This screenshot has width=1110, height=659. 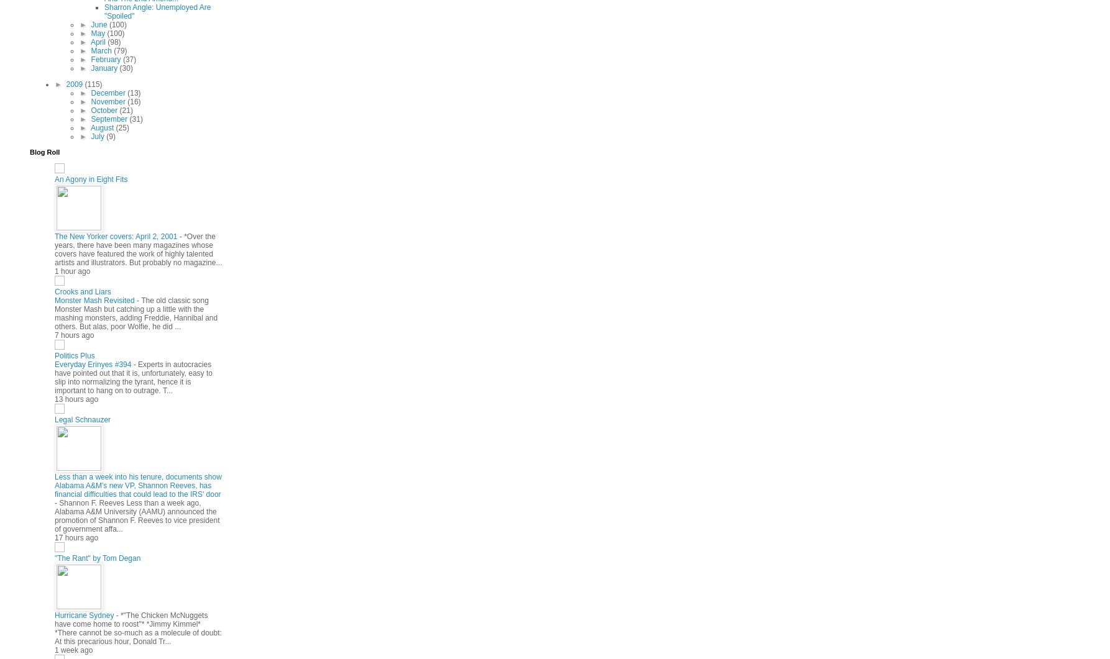 What do you see at coordinates (133, 101) in the screenshot?
I see `'(16)'` at bounding box center [133, 101].